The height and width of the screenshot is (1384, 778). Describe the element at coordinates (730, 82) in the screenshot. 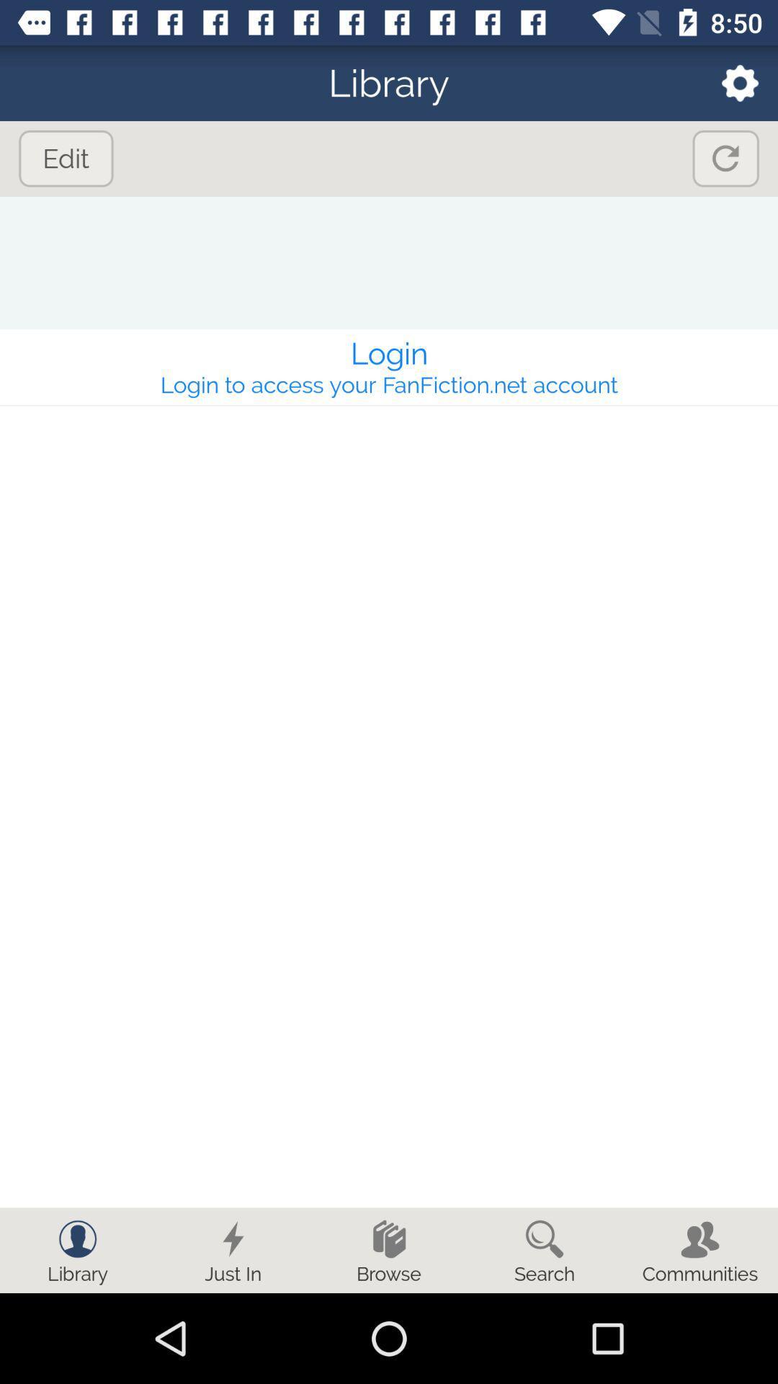

I see `the icon next to the library icon` at that location.